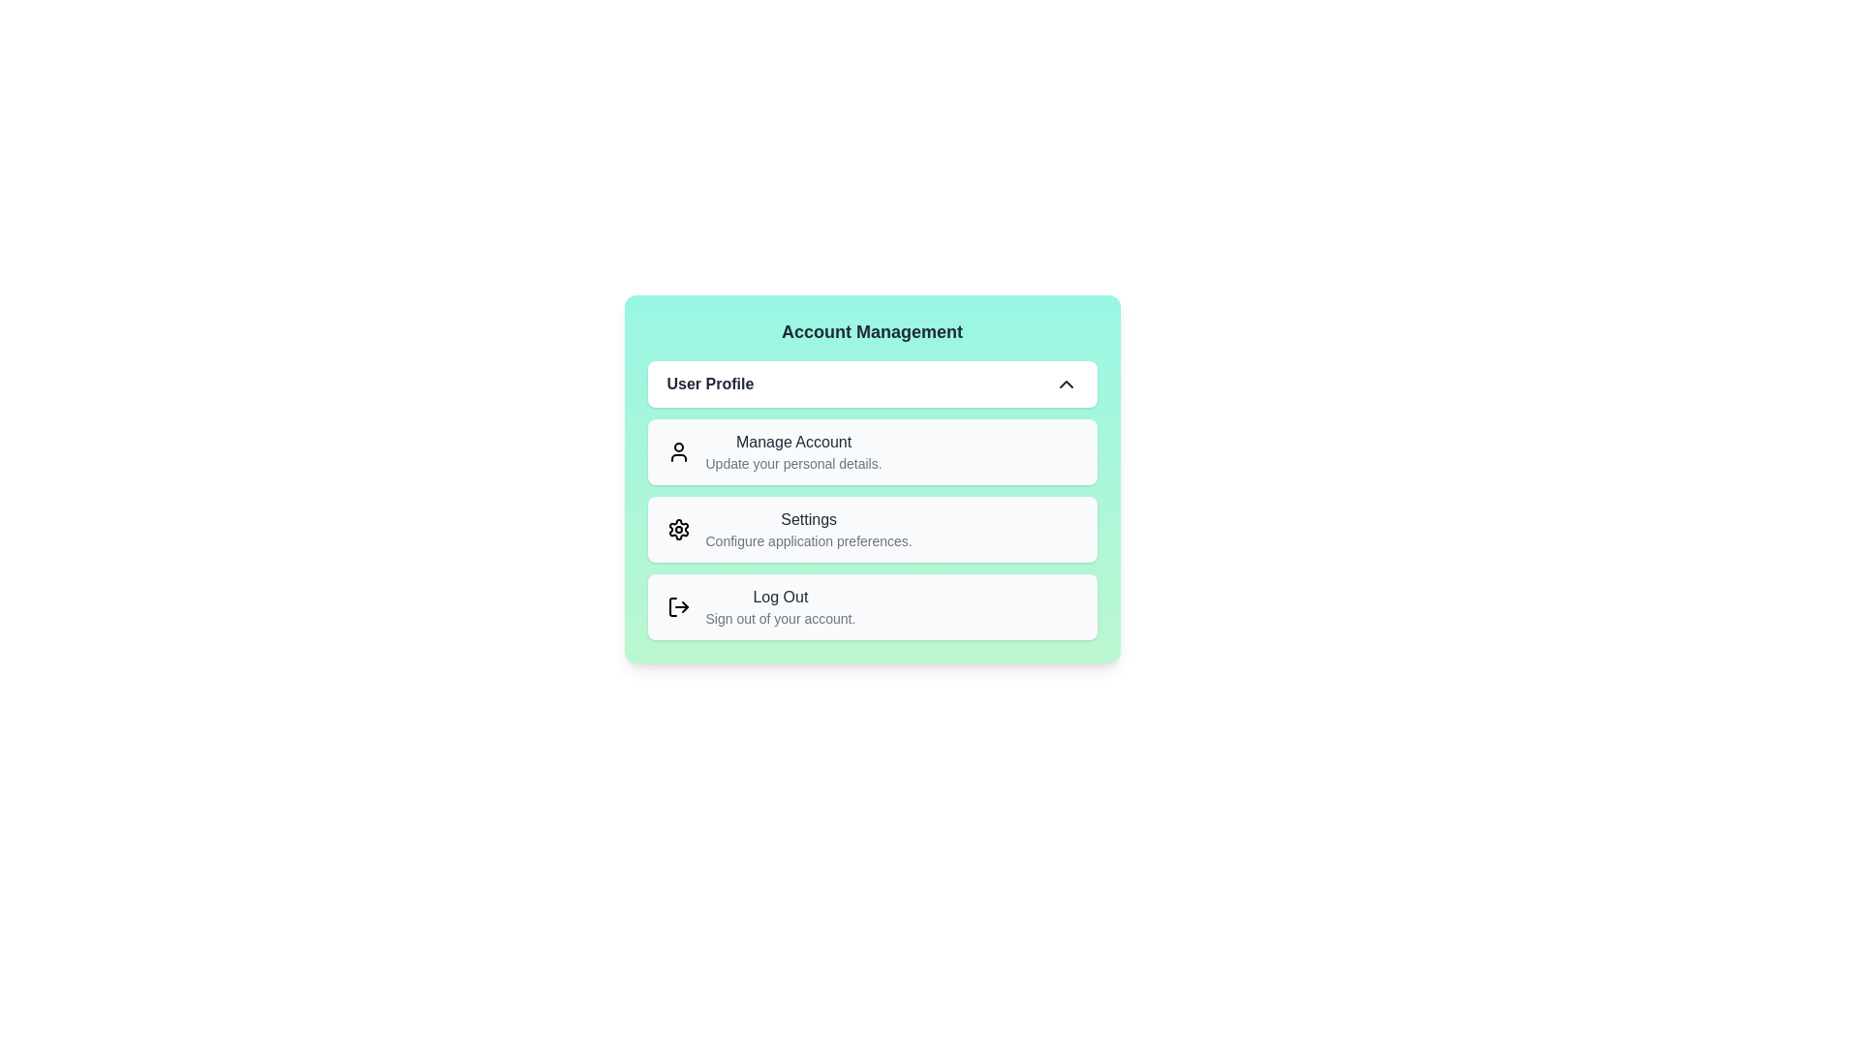 This screenshot has width=1860, height=1046. What do you see at coordinates (871, 606) in the screenshot?
I see `the menu option Log Out by clicking on it` at bounding box center [871, 606].